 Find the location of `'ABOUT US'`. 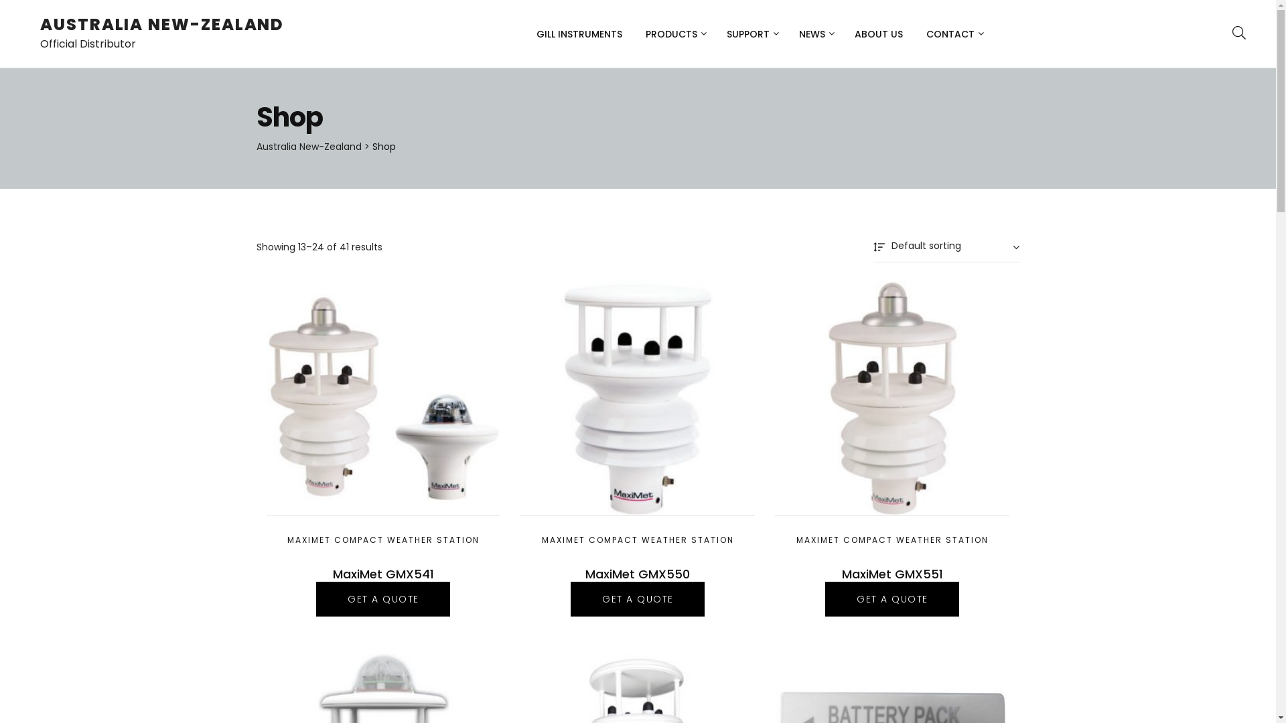

'ABOUT US' is located at coordinates (854, 33).